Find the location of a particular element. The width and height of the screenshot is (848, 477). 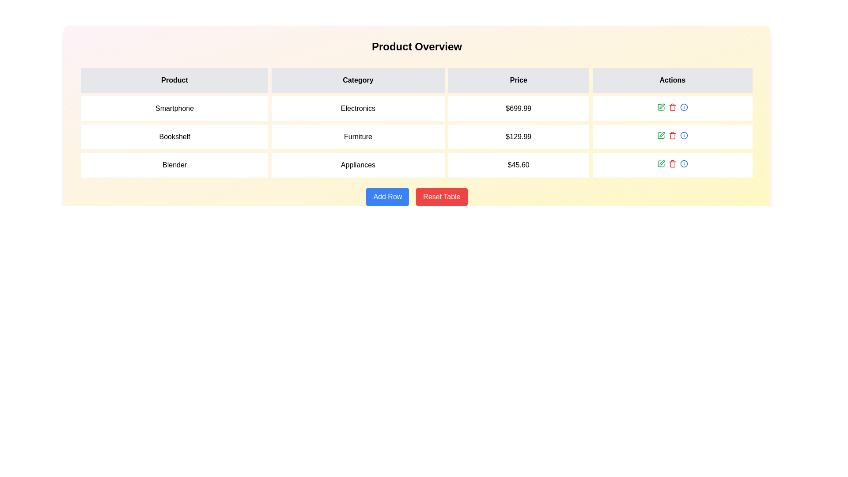

the edit icon button in the first row of the 'Actions' column for the product 'Smartphone' to initiate the edit functionality is located at coordinates (661, 107).